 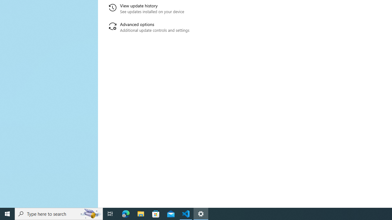 I want to click on 'Settings - 1 running window', so click(x=201, y=213).